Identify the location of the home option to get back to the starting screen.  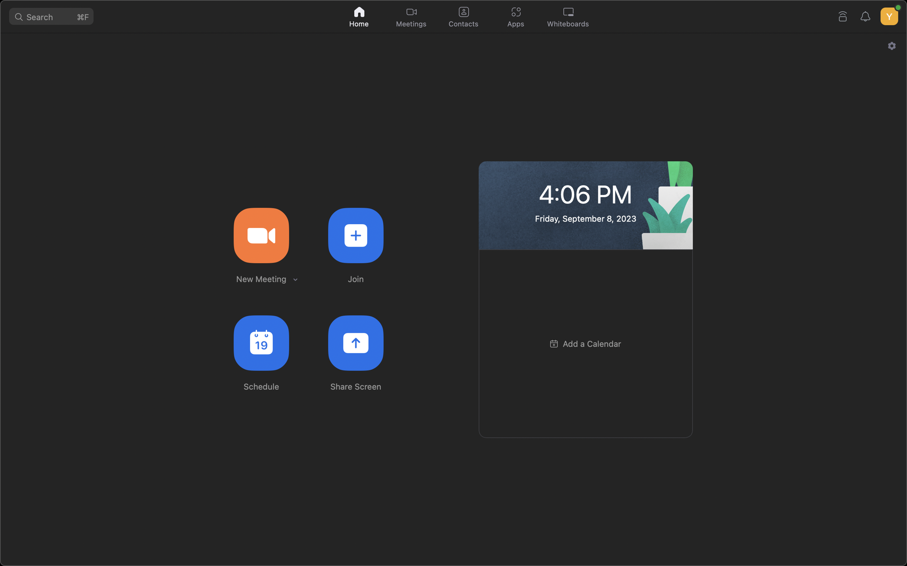
(359, 15).